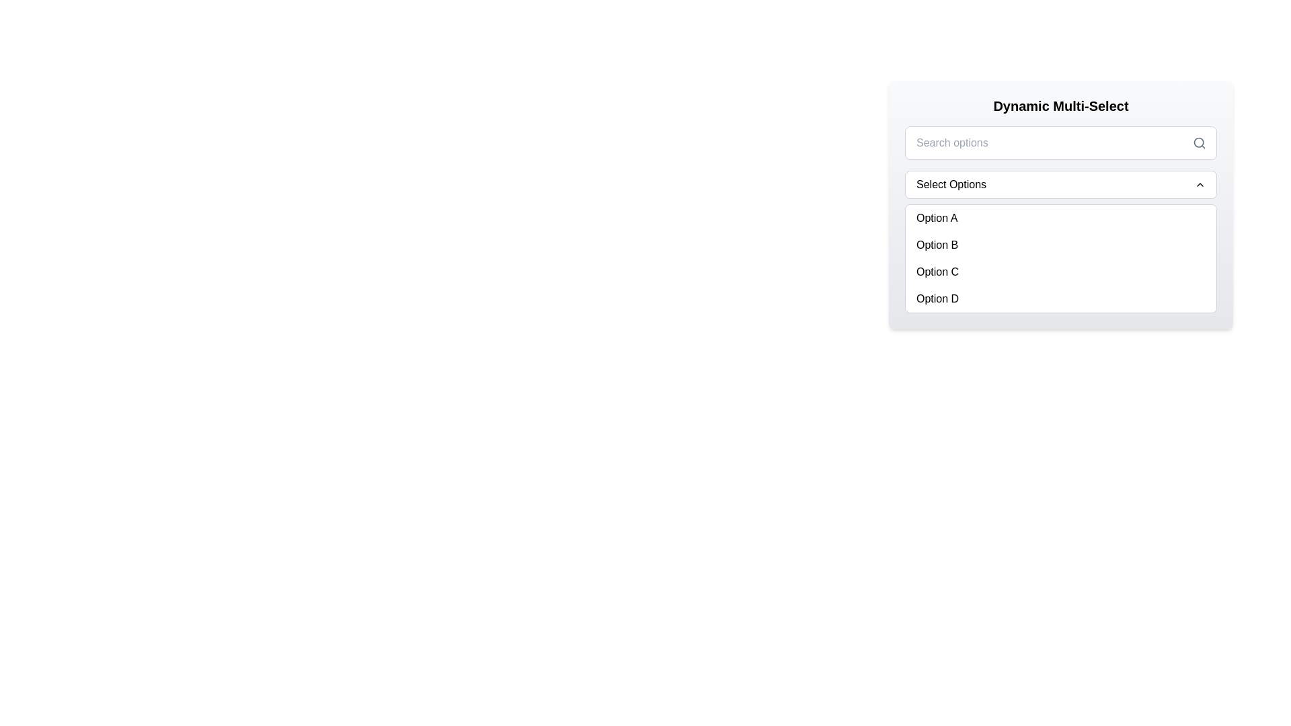  Describe the element at coordinates (1060, 106) in the screenshot. I see `the static text label that serves as a title for the section, located at the top of the group of options` at that location.